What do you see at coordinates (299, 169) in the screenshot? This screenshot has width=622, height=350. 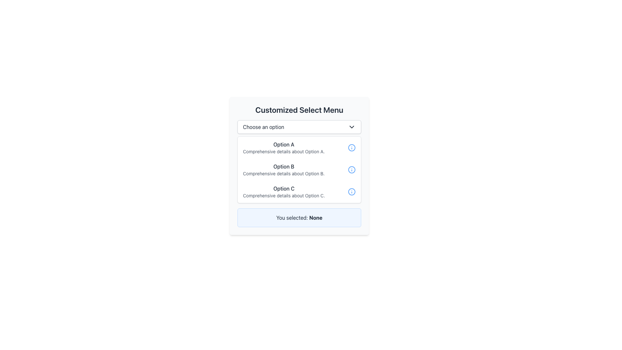 I see `the List item labeled 'Option B', which is the second option in a vertical list of three options` at bounding box center [299, 169].